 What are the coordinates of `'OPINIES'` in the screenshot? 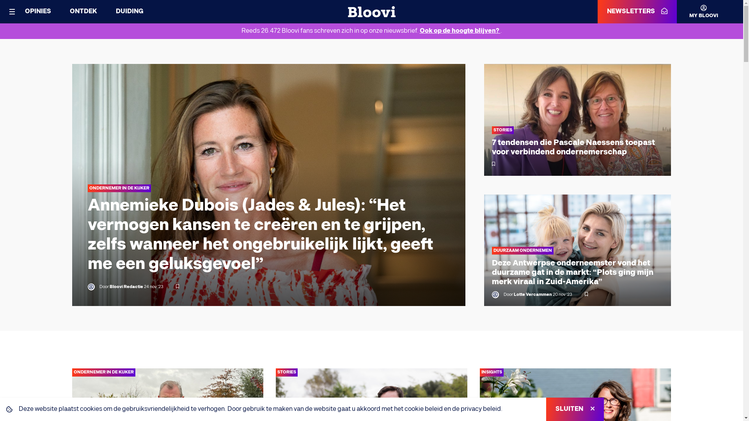 It's located at (37, 11).